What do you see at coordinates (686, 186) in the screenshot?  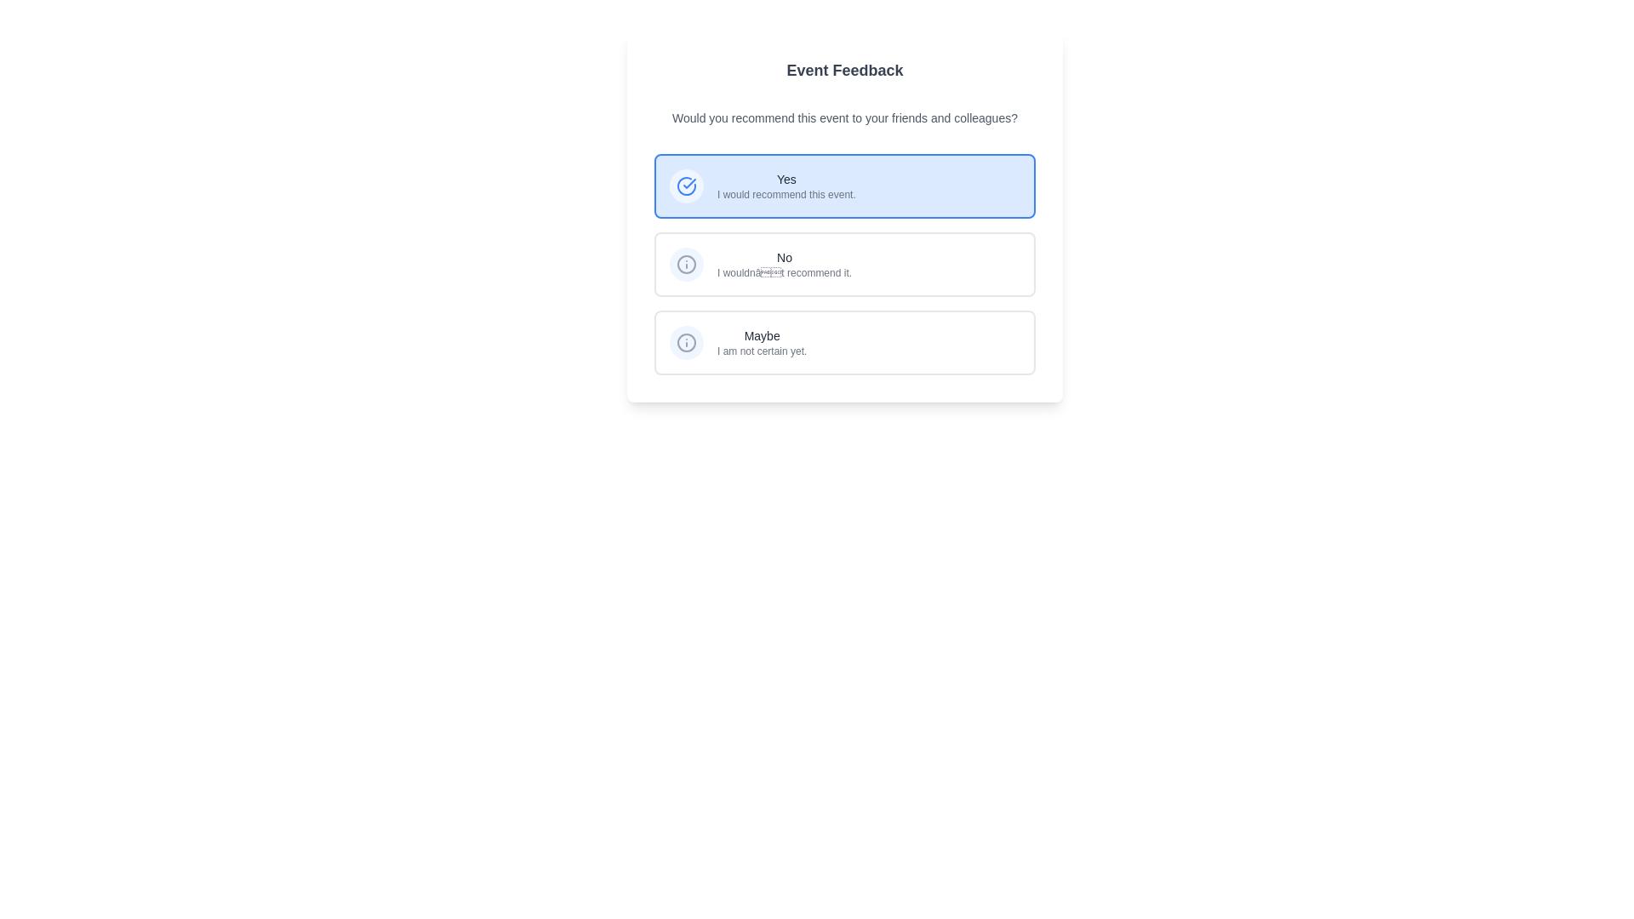 I see `the 'Yes' selection icon in the Event Feedback interface, which indicates that the option is selected` at bounding box center [686, 186].